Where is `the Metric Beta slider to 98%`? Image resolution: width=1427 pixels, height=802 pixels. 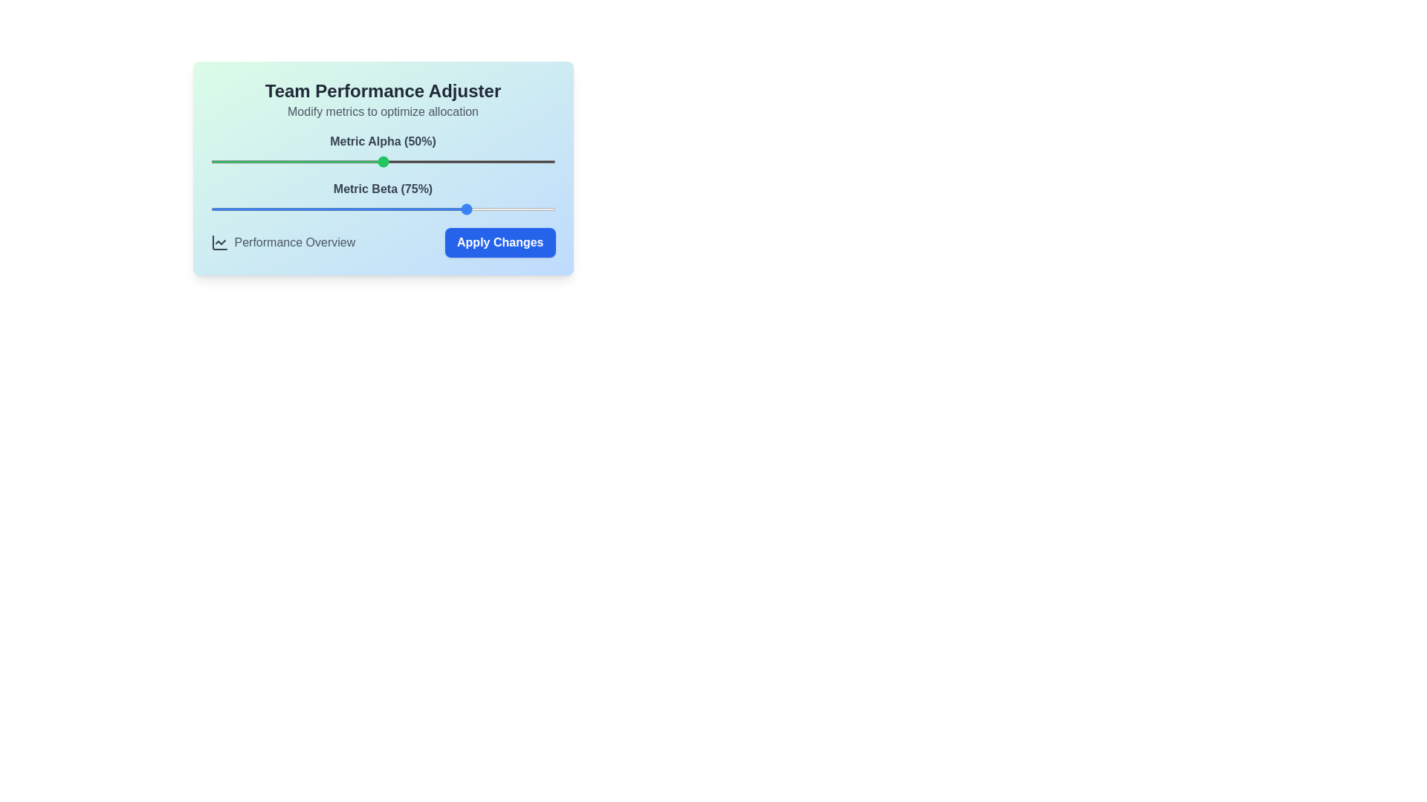
the Metric Beta slider to 98% is located at coordinates (548, 209).